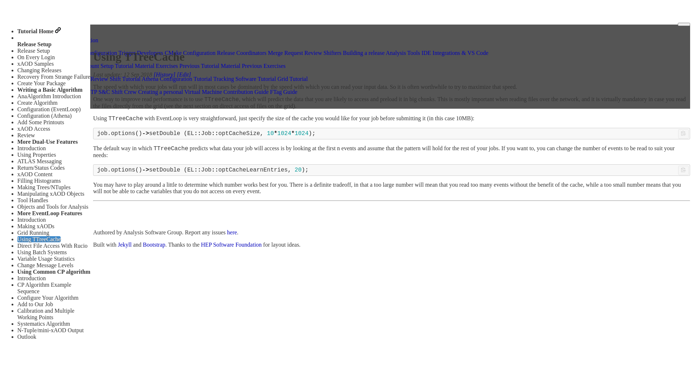 The image size is (693, 390). What do you see at coordinates (226, 232) in the screenshot?
I see `'here'` at bounding box center [226, 232].